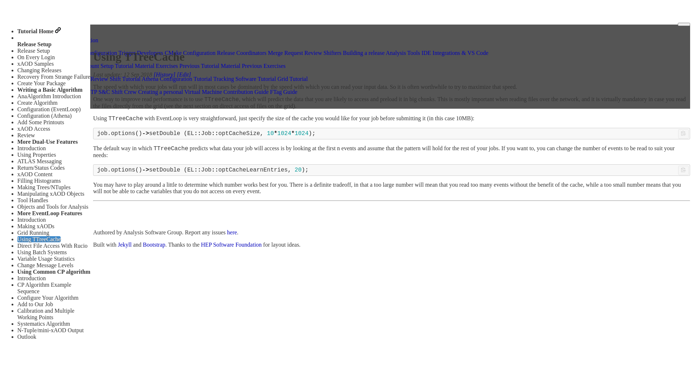 The image size is (693, 390). What do you see at coordinates (226, 232) in the screenshot?
I see `'here'` at bounding box center [226, 232].